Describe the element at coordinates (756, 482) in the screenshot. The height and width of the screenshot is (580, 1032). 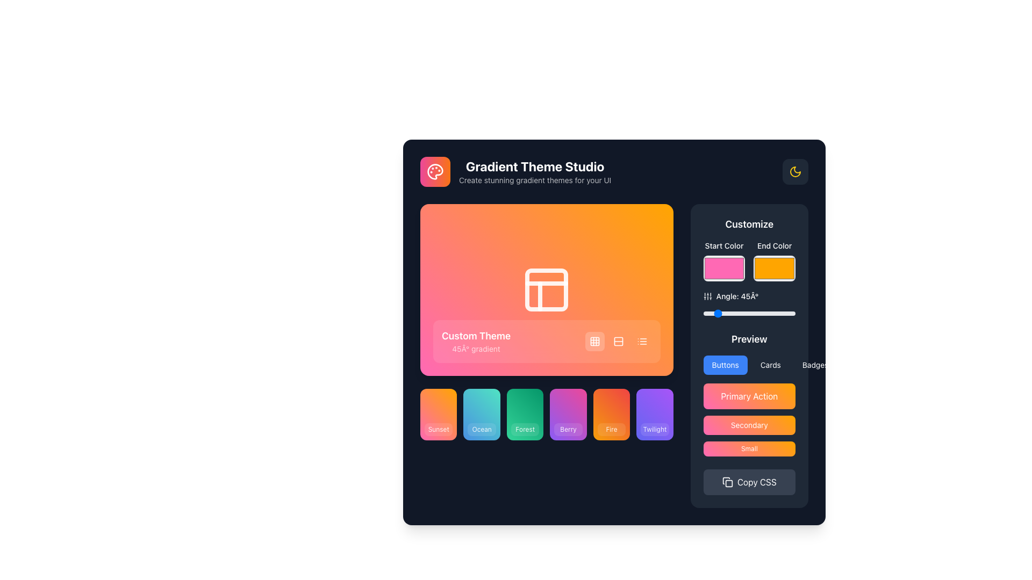
I see `the Text label within the button that facilitates copying CSS code` at that location.